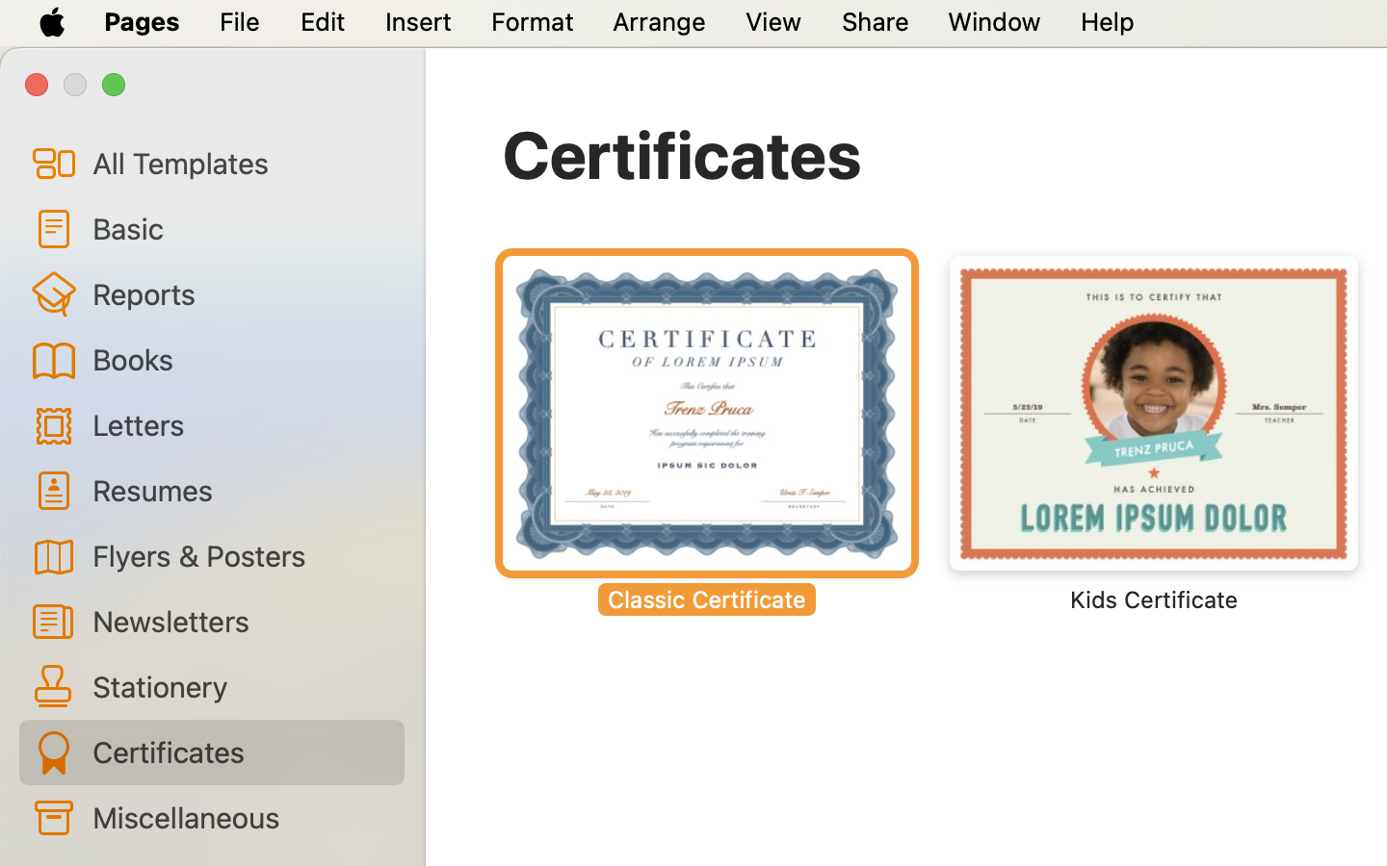 The height and width of the screenshot is (866, 1387). Describe the element at coordinates (239, 358) in the screenshot. I see `'Books'` at that location.